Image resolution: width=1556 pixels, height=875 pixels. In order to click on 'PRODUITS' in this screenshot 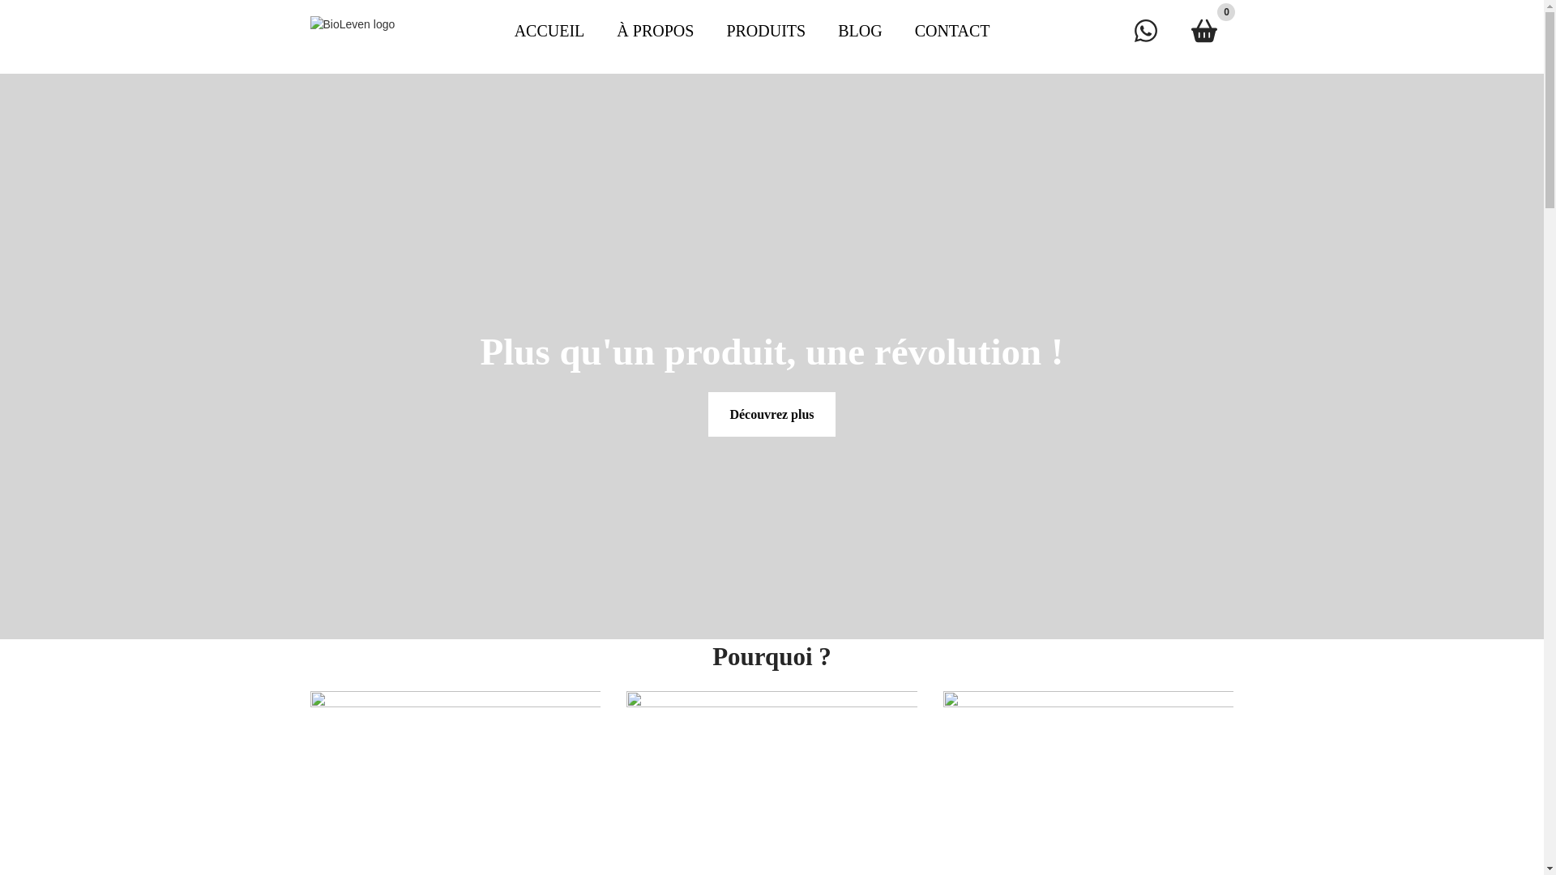, I will do `click(709, 31)`.